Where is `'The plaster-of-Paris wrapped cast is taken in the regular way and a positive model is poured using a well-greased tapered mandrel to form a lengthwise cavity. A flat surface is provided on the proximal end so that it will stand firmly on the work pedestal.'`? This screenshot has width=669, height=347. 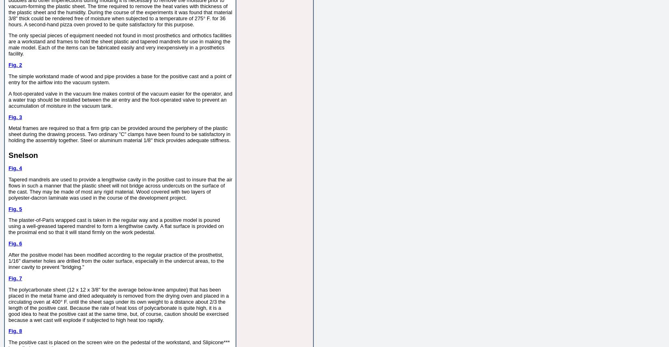 'The plaster-of-Paris wrapped cast is taken in the regular way and a positive model is poured using a well-greased tapered mandrel to form a lengthwise cavity. A flat surface is provided on the proximal end so that it will stand firmly on the work pedestal.' is located at coordinates (116, 226).